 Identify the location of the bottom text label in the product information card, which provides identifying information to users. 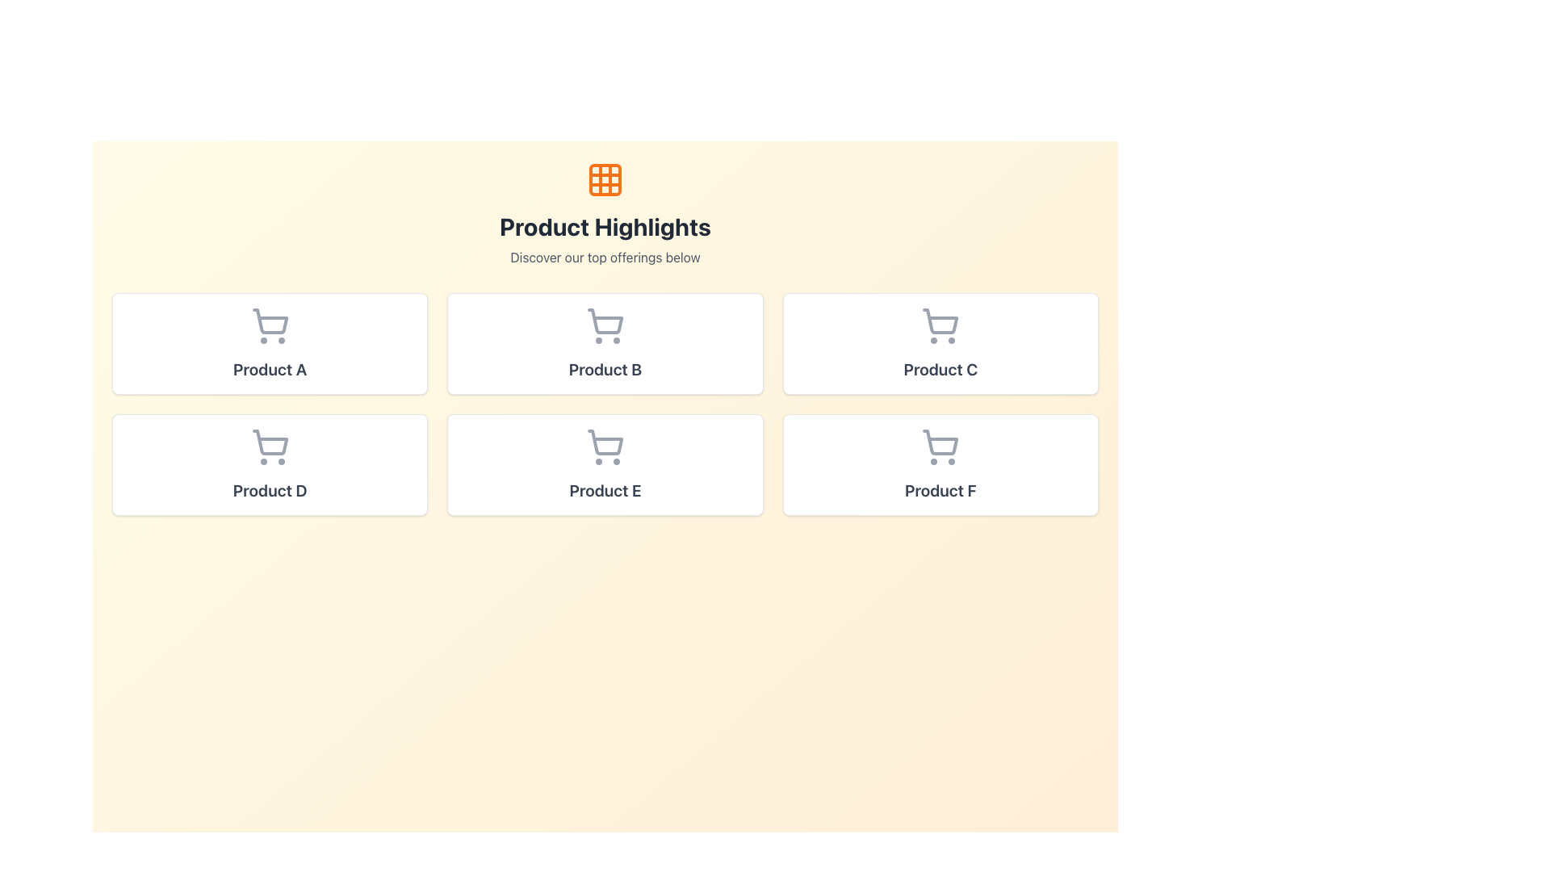
(270, 490).